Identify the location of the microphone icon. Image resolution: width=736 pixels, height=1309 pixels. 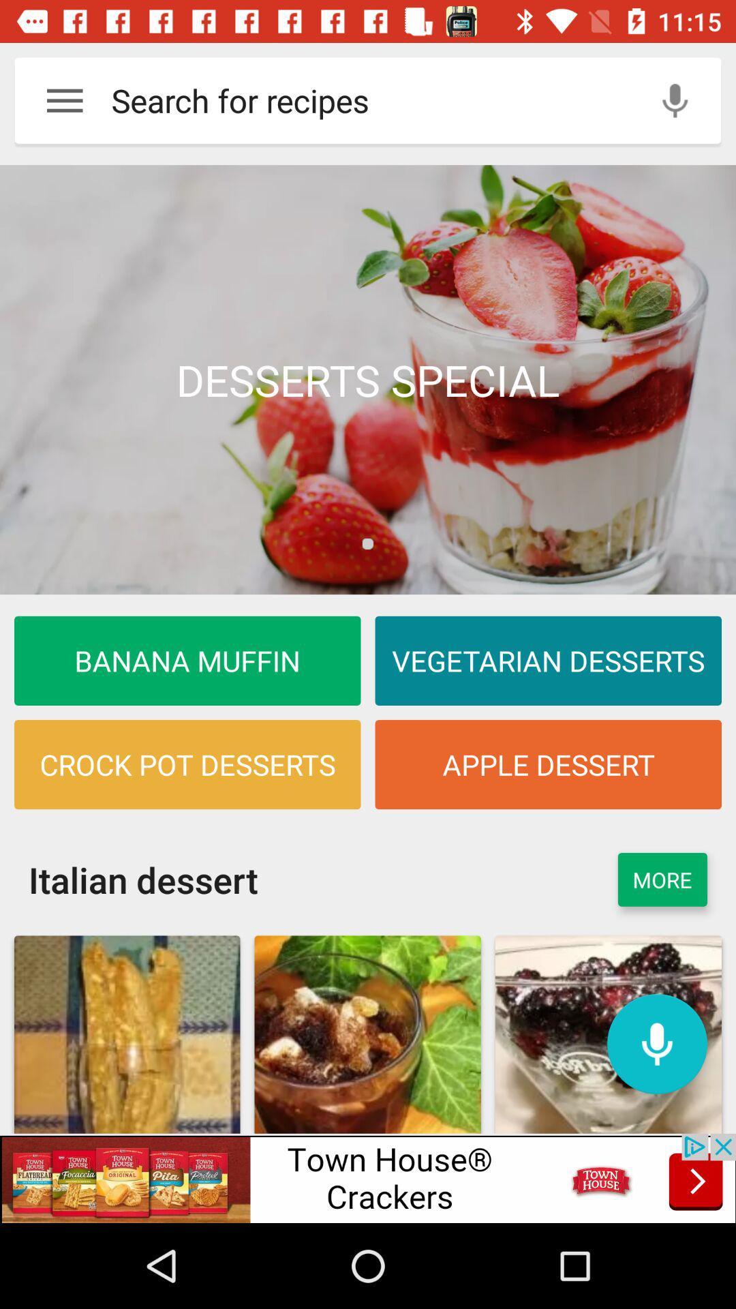
(656, 1043).